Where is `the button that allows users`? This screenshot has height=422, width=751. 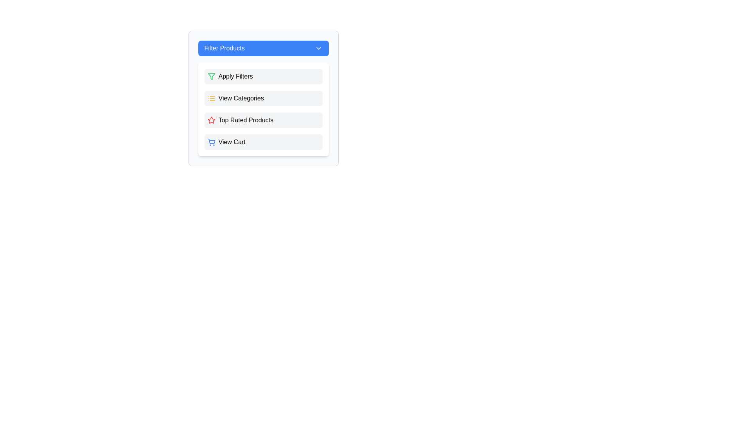 the button that allows users is located at coordinates (263, 109).